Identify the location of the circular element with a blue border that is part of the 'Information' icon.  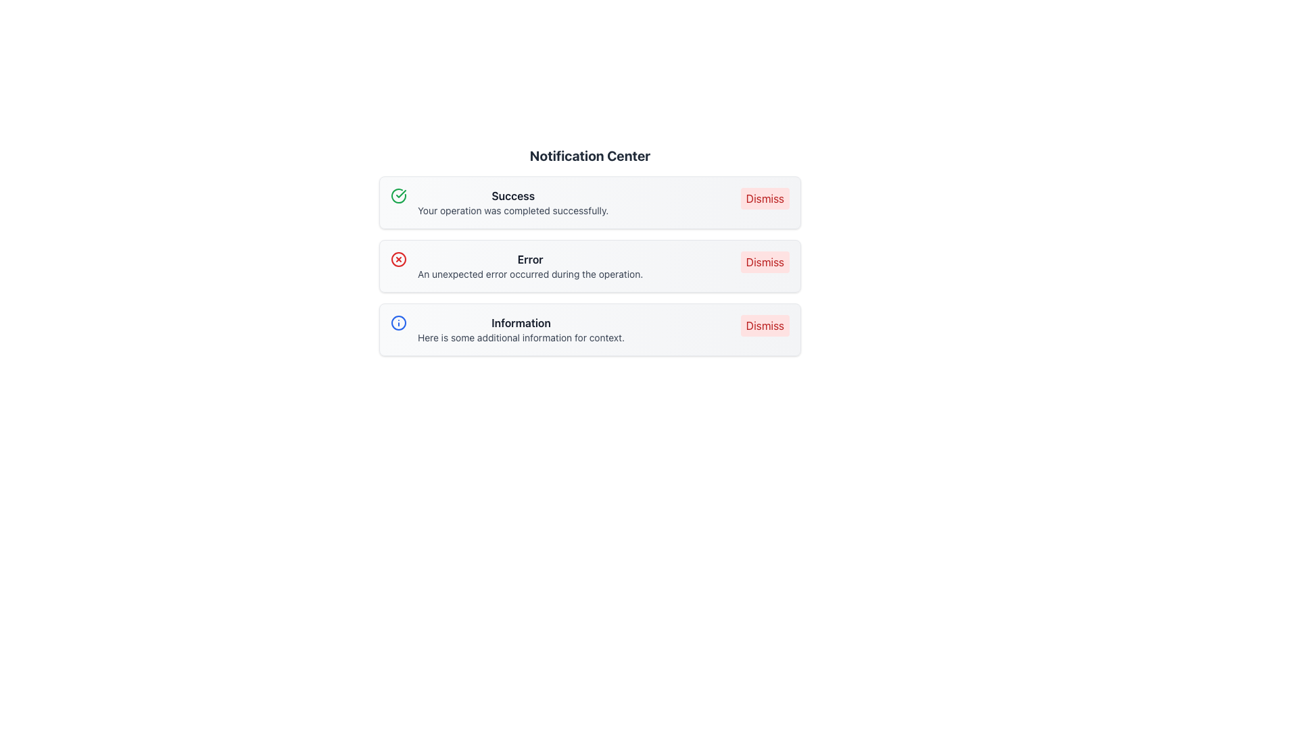
(398, 323).